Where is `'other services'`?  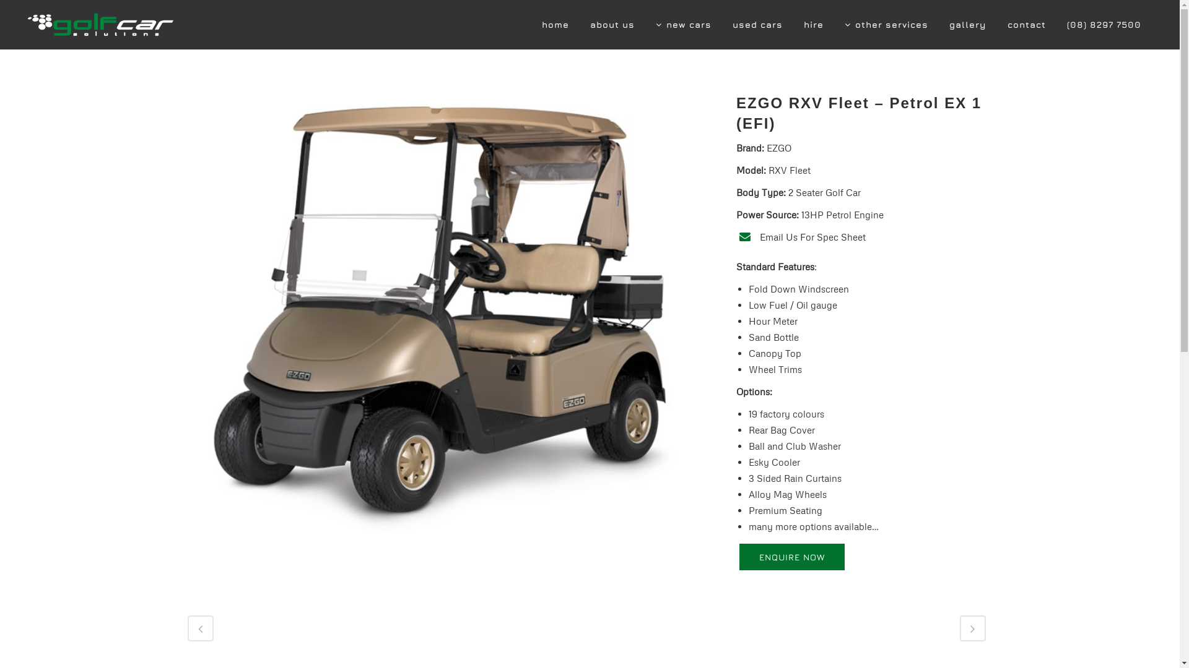
'other services' is located at coordinates (886, 24).